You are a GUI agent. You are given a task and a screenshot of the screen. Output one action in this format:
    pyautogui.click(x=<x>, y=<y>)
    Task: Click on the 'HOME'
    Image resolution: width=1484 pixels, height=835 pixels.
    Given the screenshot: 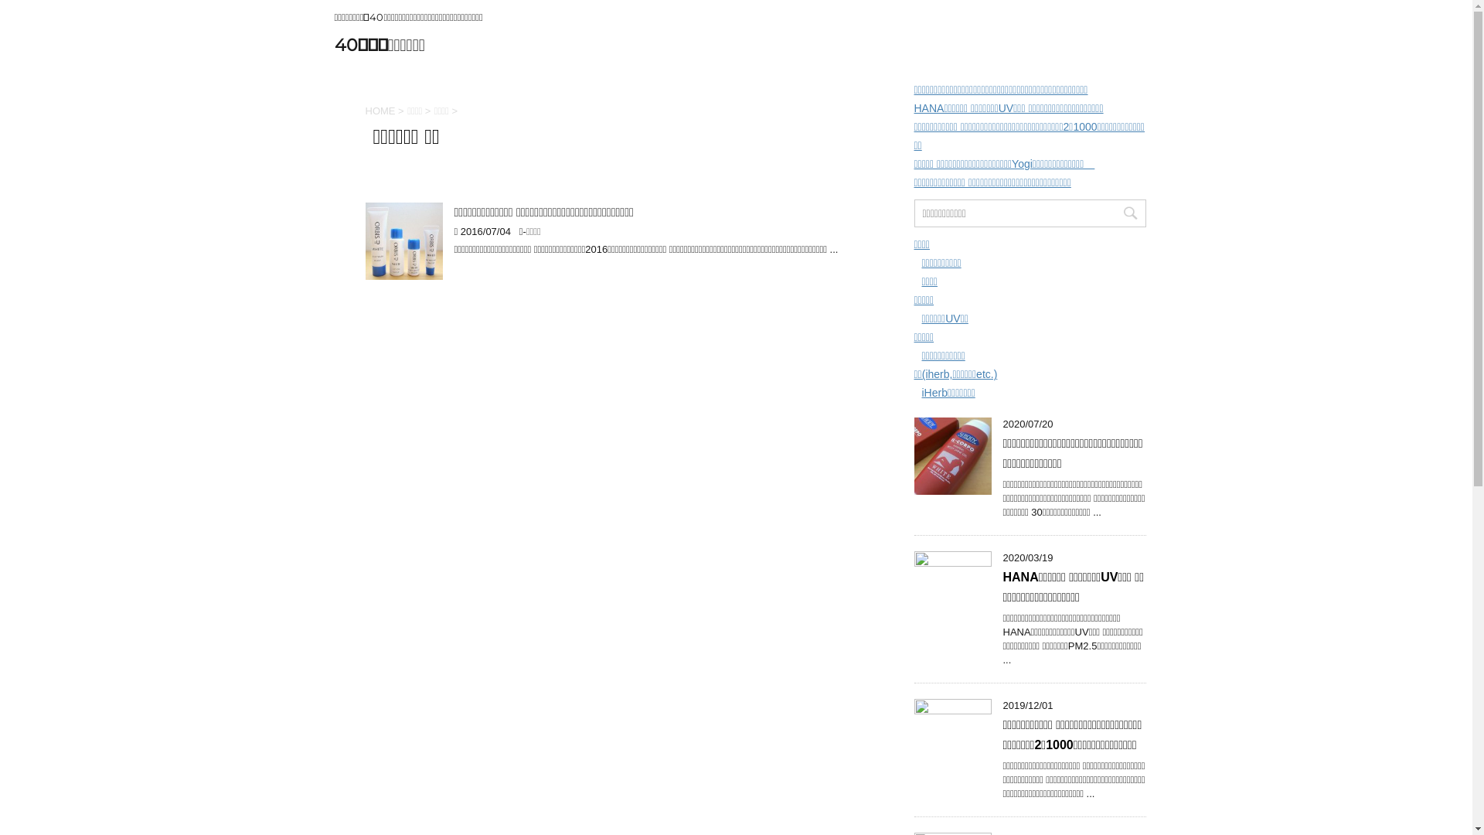 What is the action you would take?
    pyautogui.click(x=380, y=110)
    